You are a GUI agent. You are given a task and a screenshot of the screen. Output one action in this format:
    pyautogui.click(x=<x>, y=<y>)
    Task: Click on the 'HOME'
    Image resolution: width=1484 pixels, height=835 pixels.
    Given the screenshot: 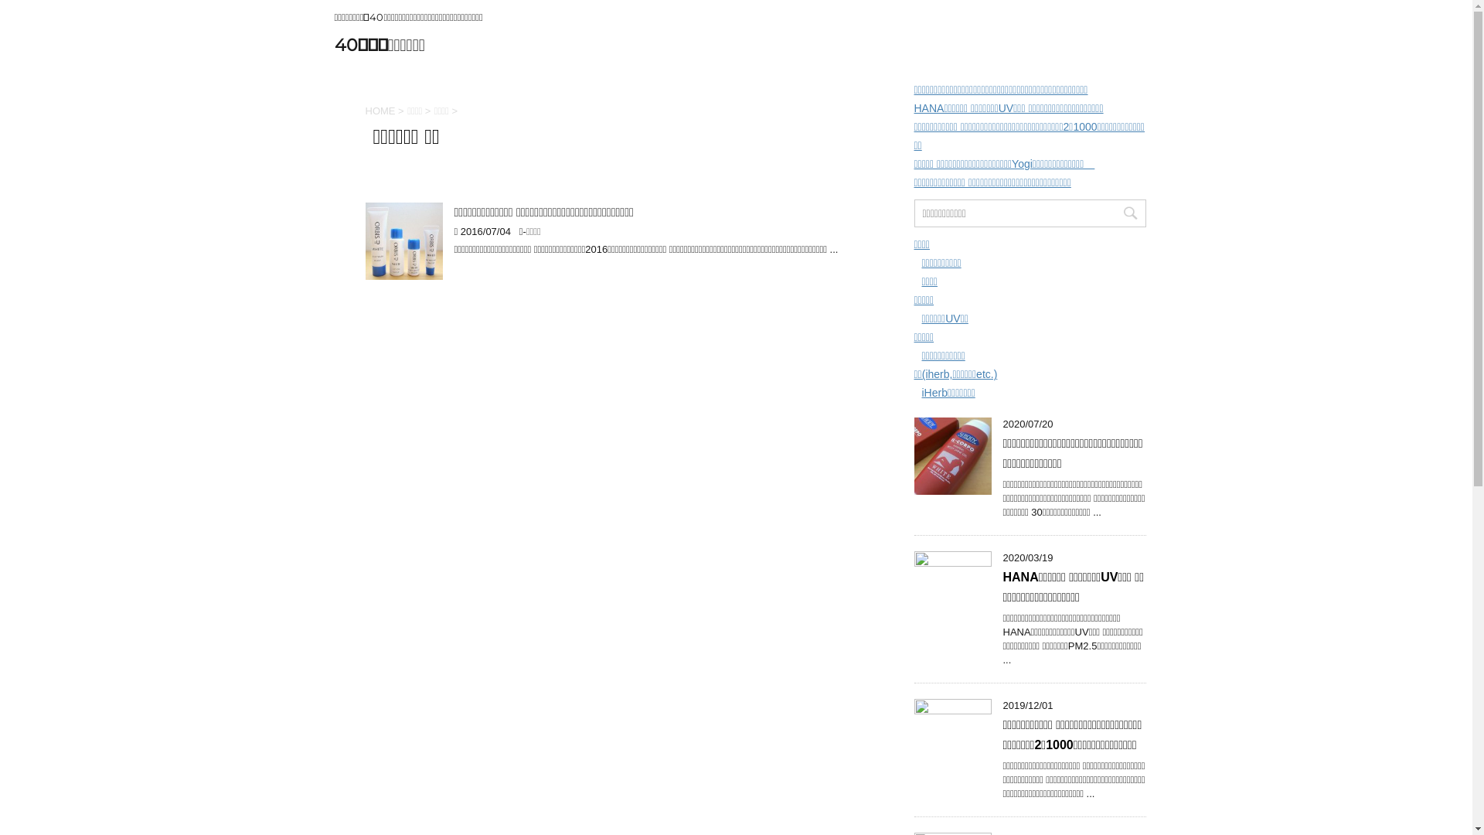 What is the action you would take?
    pyautogui.click(x=380, y=110)
    